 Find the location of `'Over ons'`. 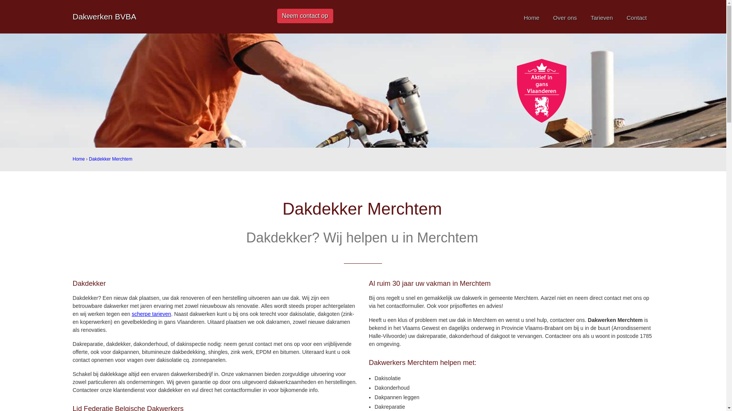

'Over ons' is located at coordinates (565, 17).